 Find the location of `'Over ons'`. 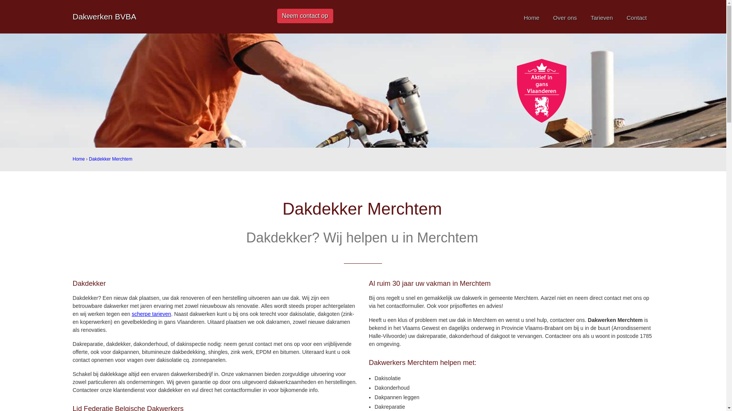

'Over ons' is located at coordinates (565, 17).